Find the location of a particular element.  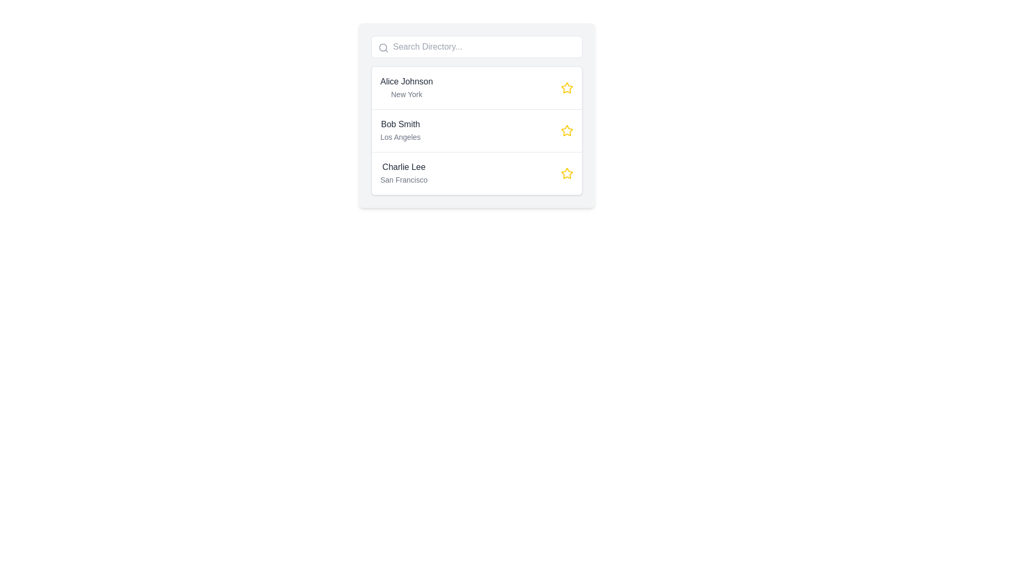

the star icon located at the end of the row displaying 'Alice Johnson' to favorite or unfavorite the entity is located at coordinates (567, 87).